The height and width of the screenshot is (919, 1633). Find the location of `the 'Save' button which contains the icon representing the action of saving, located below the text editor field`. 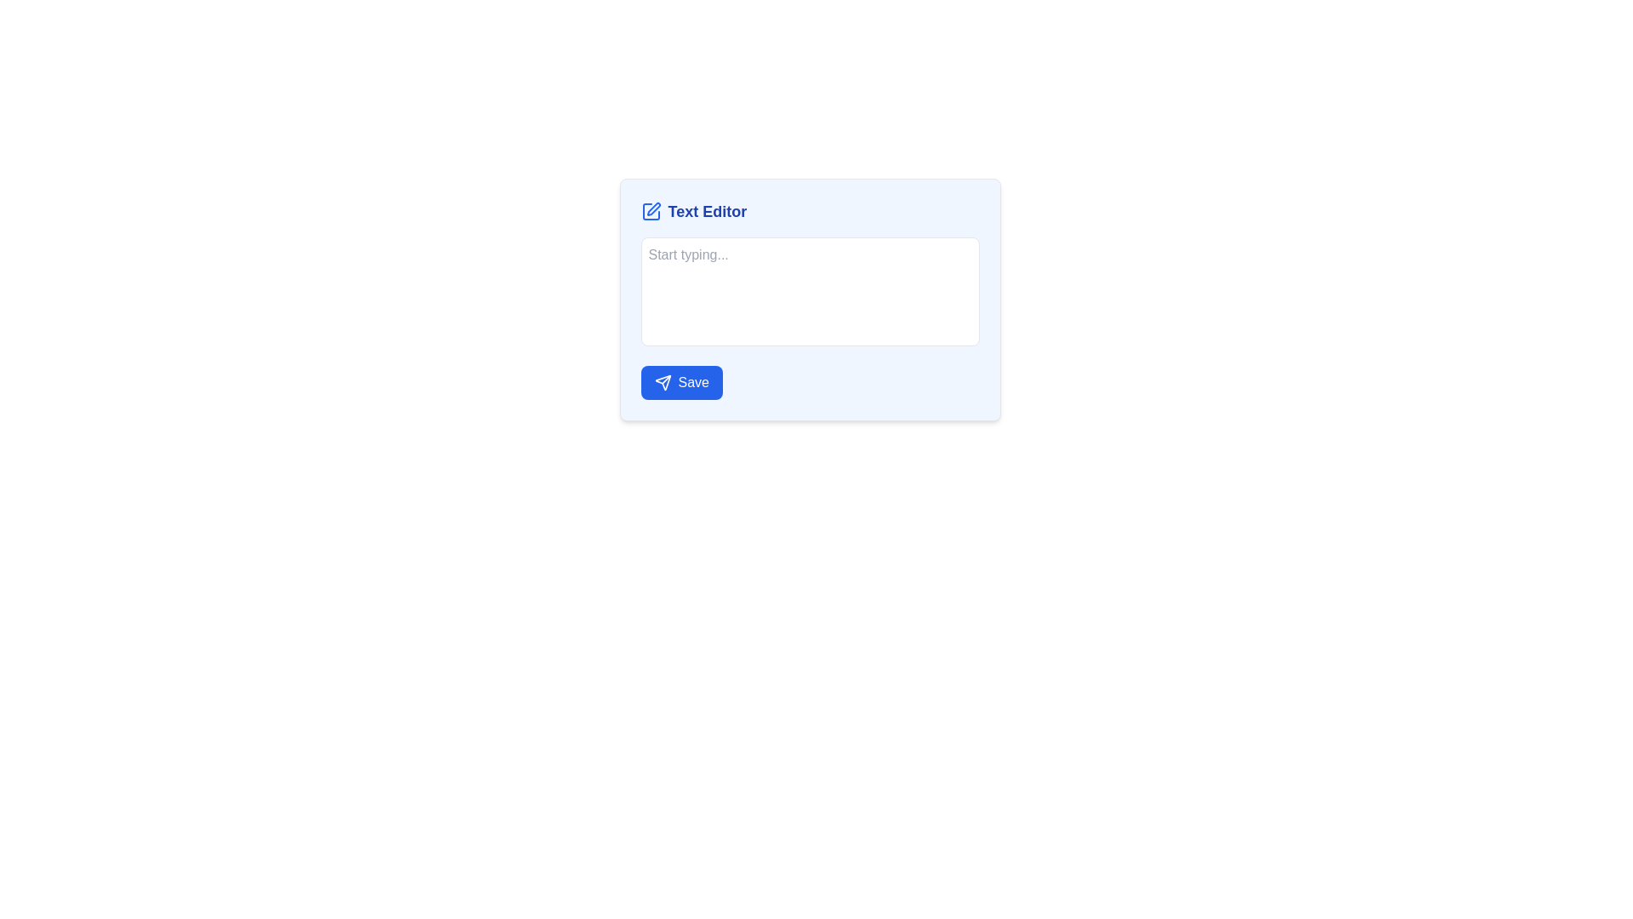

the 'Save' button which contains the icon representing the action of saving, located below the text editor field is located at coordinates (662, 383).